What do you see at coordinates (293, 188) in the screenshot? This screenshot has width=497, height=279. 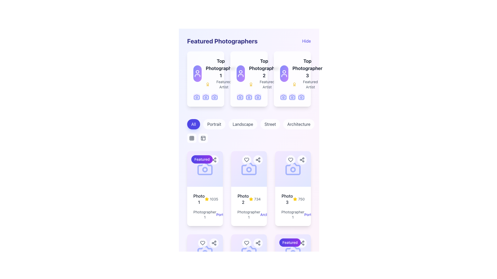 I see `the 'Portrait' link located at the bottom right corner of the third photo card in the 'Featured Photographers' section, which has a white background and rounded corners, to filter photos` at bounding box center [293, 188].